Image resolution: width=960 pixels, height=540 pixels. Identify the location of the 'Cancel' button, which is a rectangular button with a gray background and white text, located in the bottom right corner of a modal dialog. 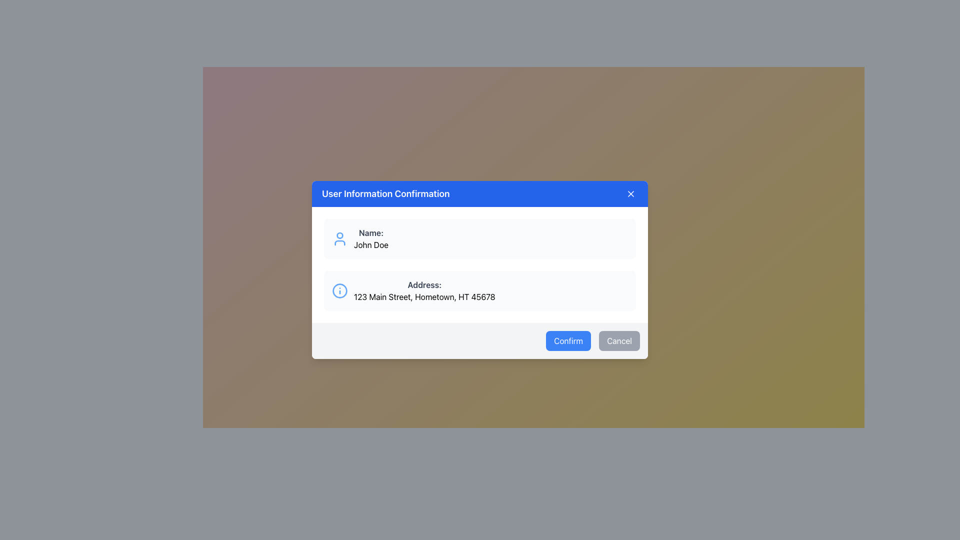
(618, 340).